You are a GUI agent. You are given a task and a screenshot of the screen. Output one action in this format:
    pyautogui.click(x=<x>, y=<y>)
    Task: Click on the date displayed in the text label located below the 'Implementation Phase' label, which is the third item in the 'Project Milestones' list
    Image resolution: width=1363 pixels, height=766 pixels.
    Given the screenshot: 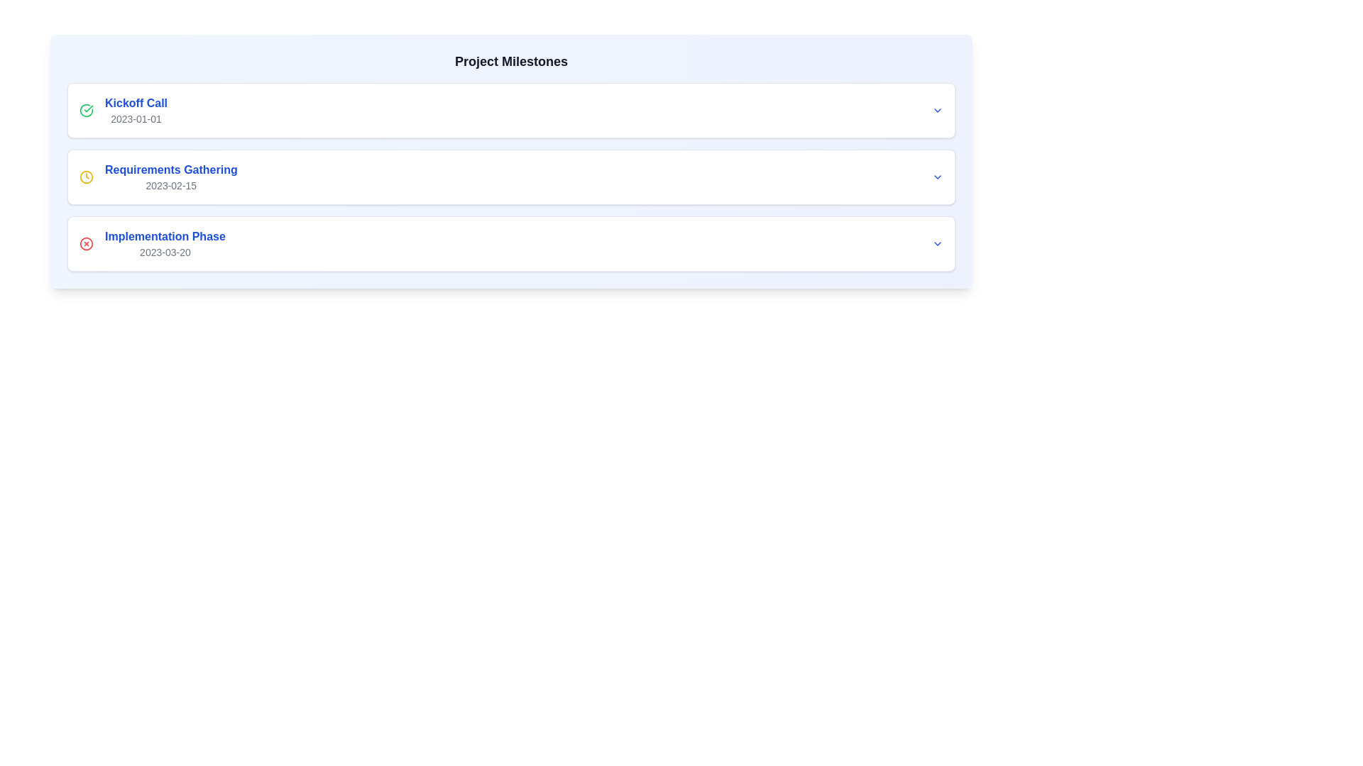 What is the action you would take?
    pyautogui.click(x=165, y=251)
    